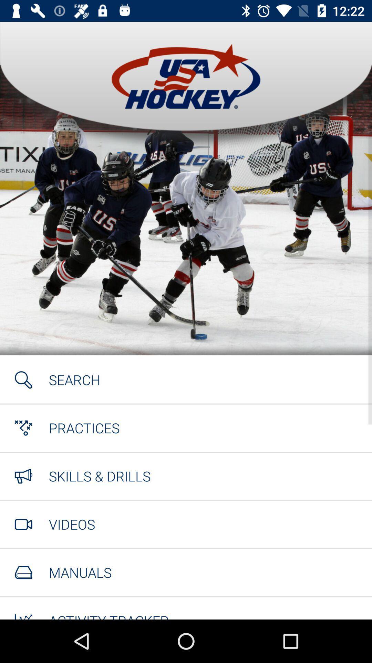 The image size is (372, 663). What do you see at coordinates (100, 475) in the screenshot?
I see `skills & drills icon` at bounding box center [100, 475].